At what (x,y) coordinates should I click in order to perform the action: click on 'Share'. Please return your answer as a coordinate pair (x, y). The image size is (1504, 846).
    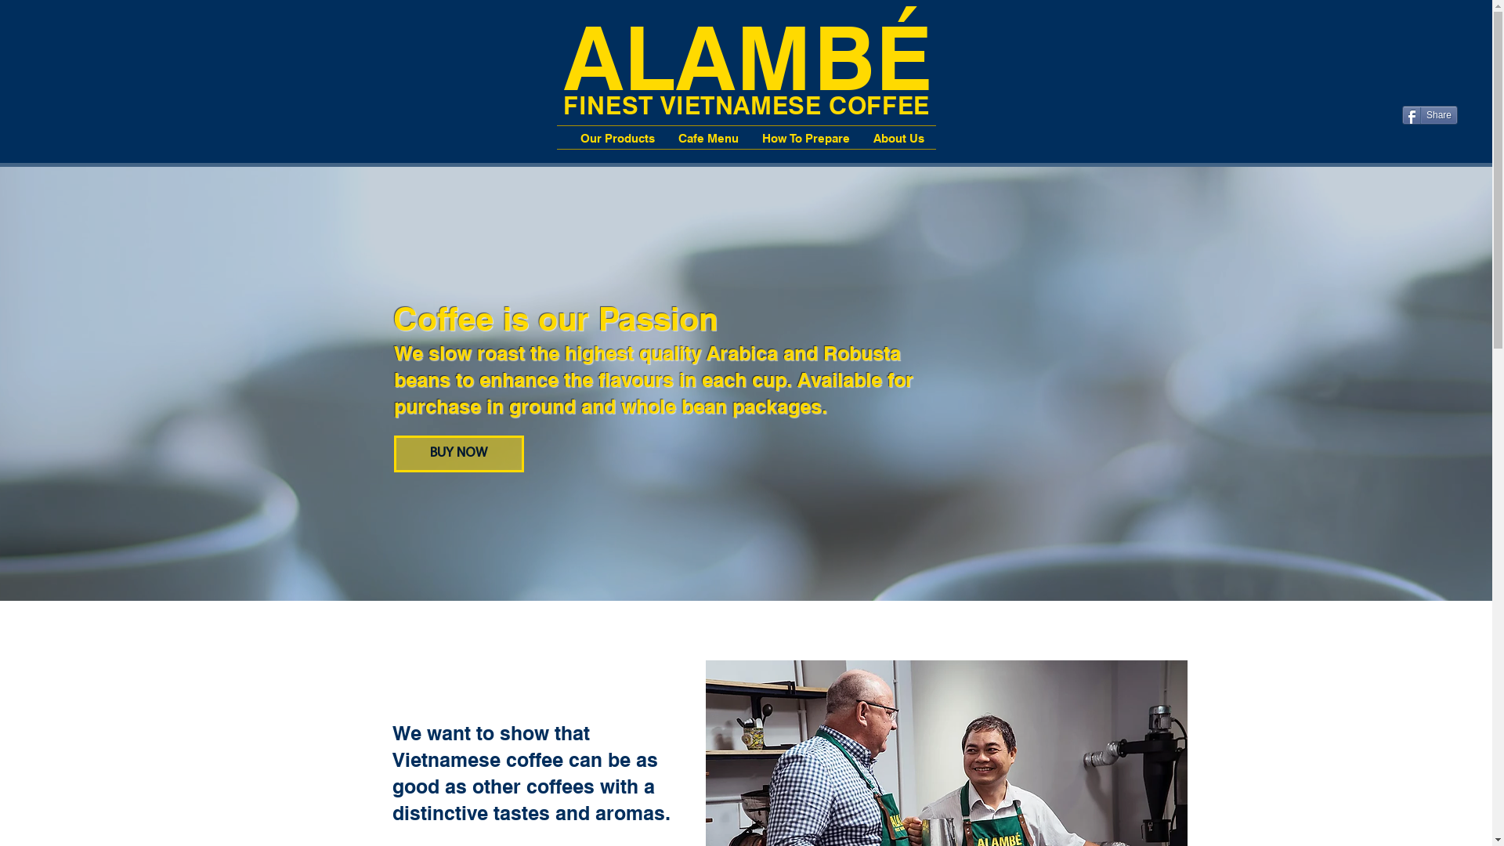
    Looking at the image, I should click on (1430, 114).